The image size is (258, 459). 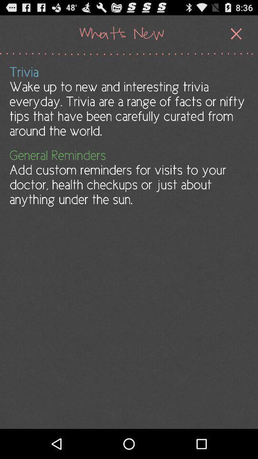 I want to click on the icon at the center, so click(x=128, y=177).